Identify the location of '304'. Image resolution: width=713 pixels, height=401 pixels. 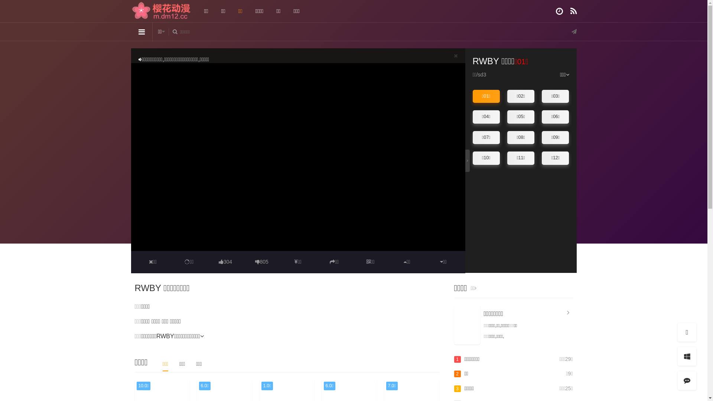
(225, 261).